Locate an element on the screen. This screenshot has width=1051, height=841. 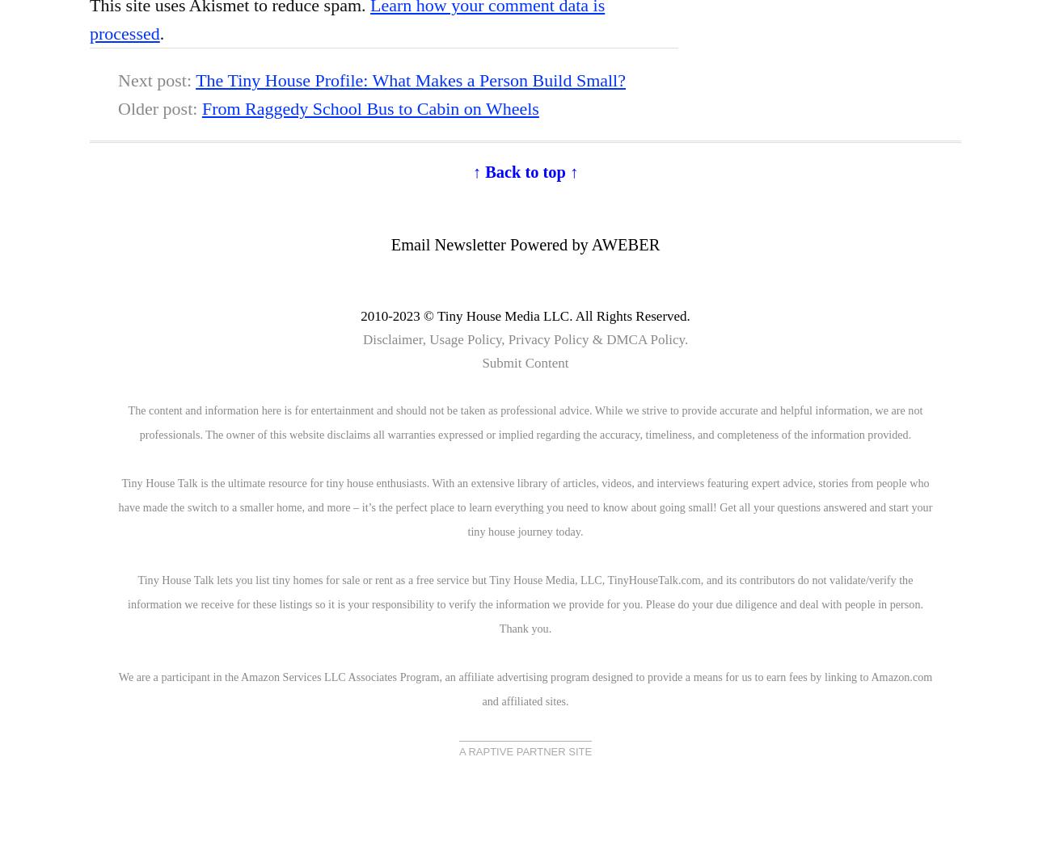
'Disclaimer, Usage Policy, Privacy Policy & DMCA Policy' is located at coordinates (523, 339).